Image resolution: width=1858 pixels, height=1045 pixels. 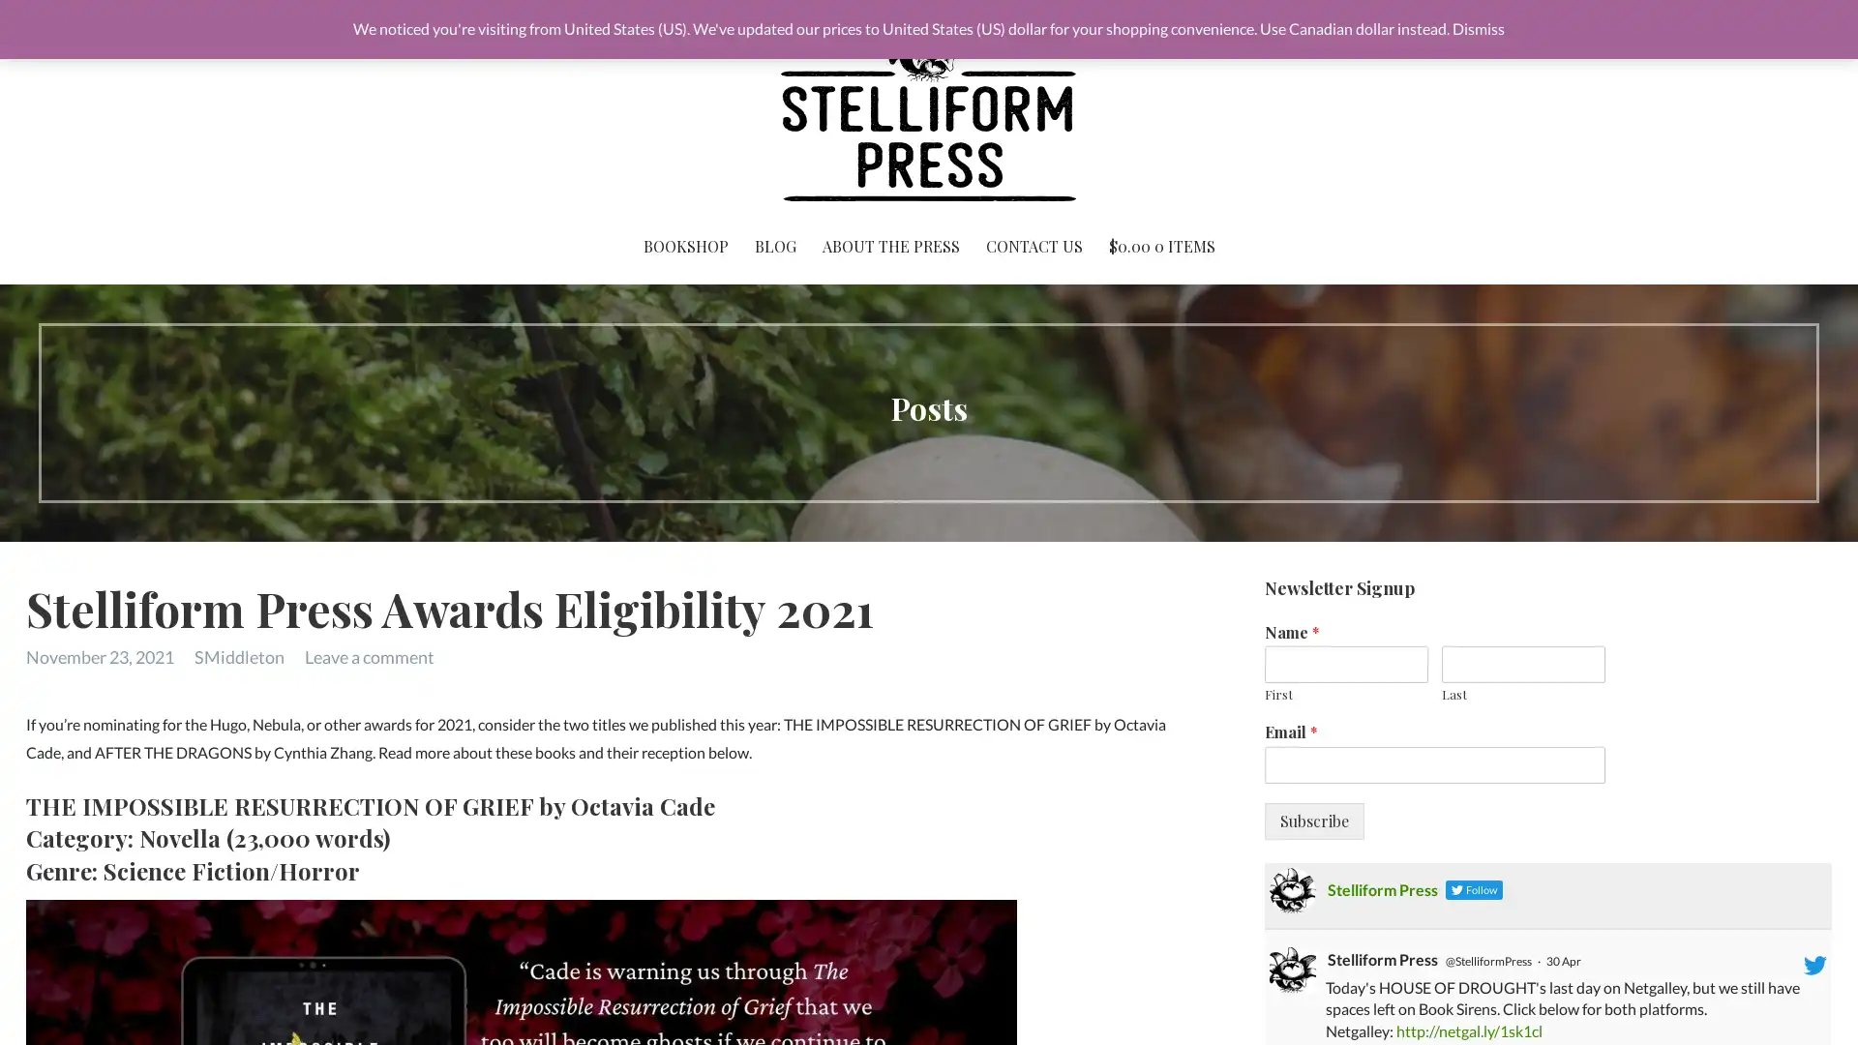 I want to click on Subscribe, so click(x=1313, y=821).